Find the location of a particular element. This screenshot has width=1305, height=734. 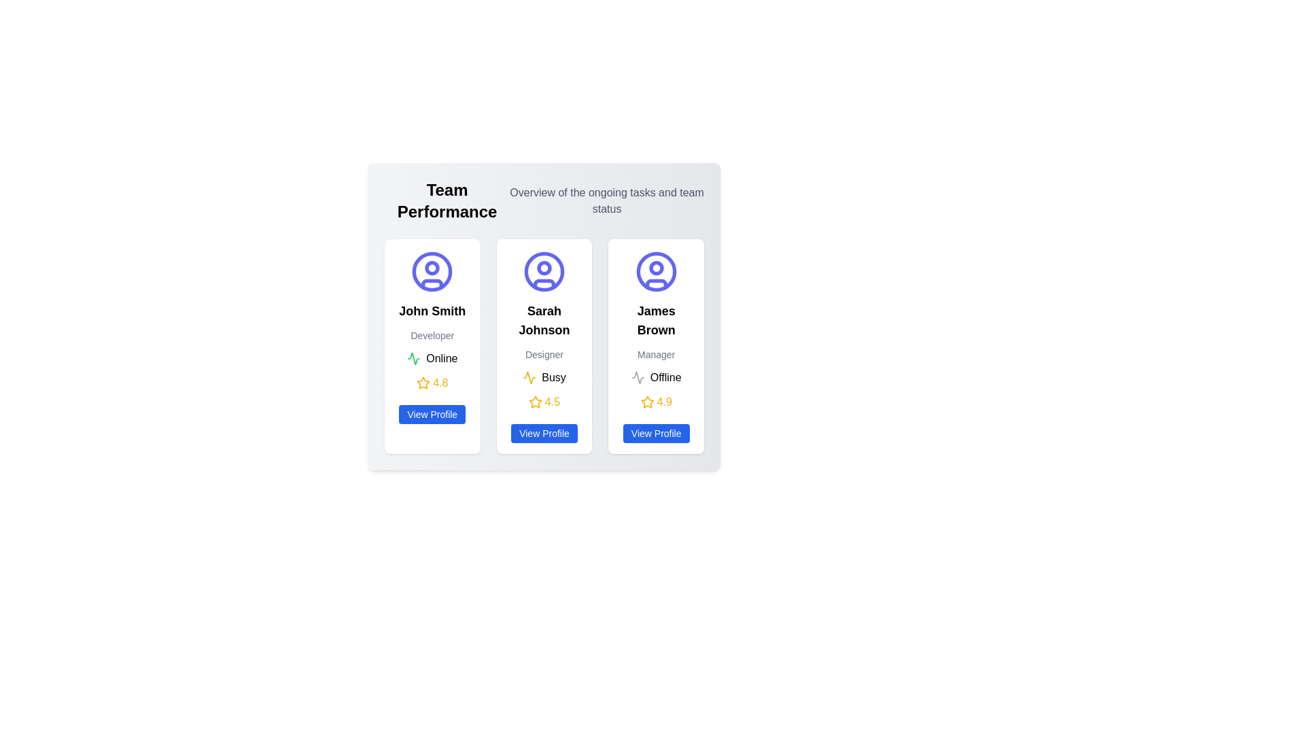

the text label displaying 'John Smith', which is prominently styled in a bold and larger font within the first user card, positioned below the avatar and above the job title 'Developer' is located at coordinates (432, 311).